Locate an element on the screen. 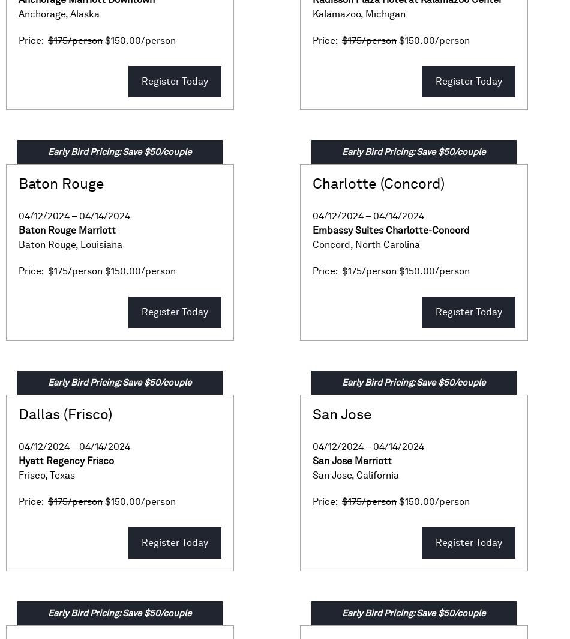  'Kalamazoo' is located at coordinates (312, 14).